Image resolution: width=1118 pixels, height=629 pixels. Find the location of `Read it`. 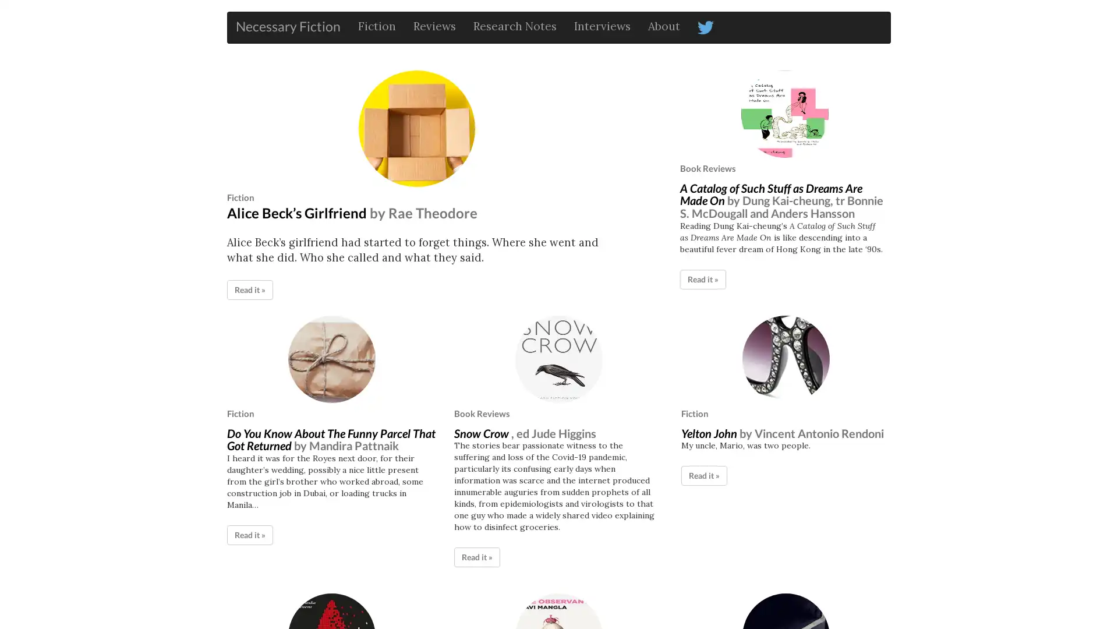

Read it is located at coordinates (249, 289).